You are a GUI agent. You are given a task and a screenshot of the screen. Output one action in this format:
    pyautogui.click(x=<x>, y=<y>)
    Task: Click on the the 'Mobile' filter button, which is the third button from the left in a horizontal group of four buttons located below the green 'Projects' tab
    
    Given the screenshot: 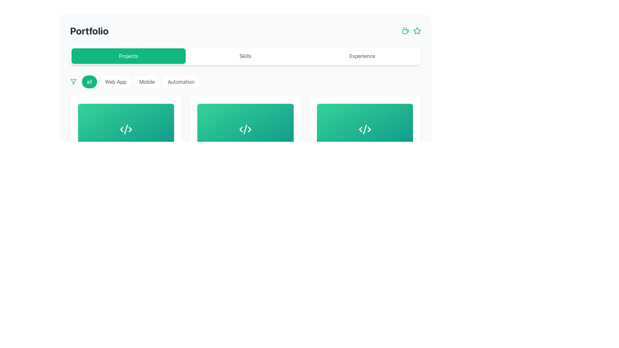 What is the action you would take?
    pyautogui.click(x=147, y=82)
    